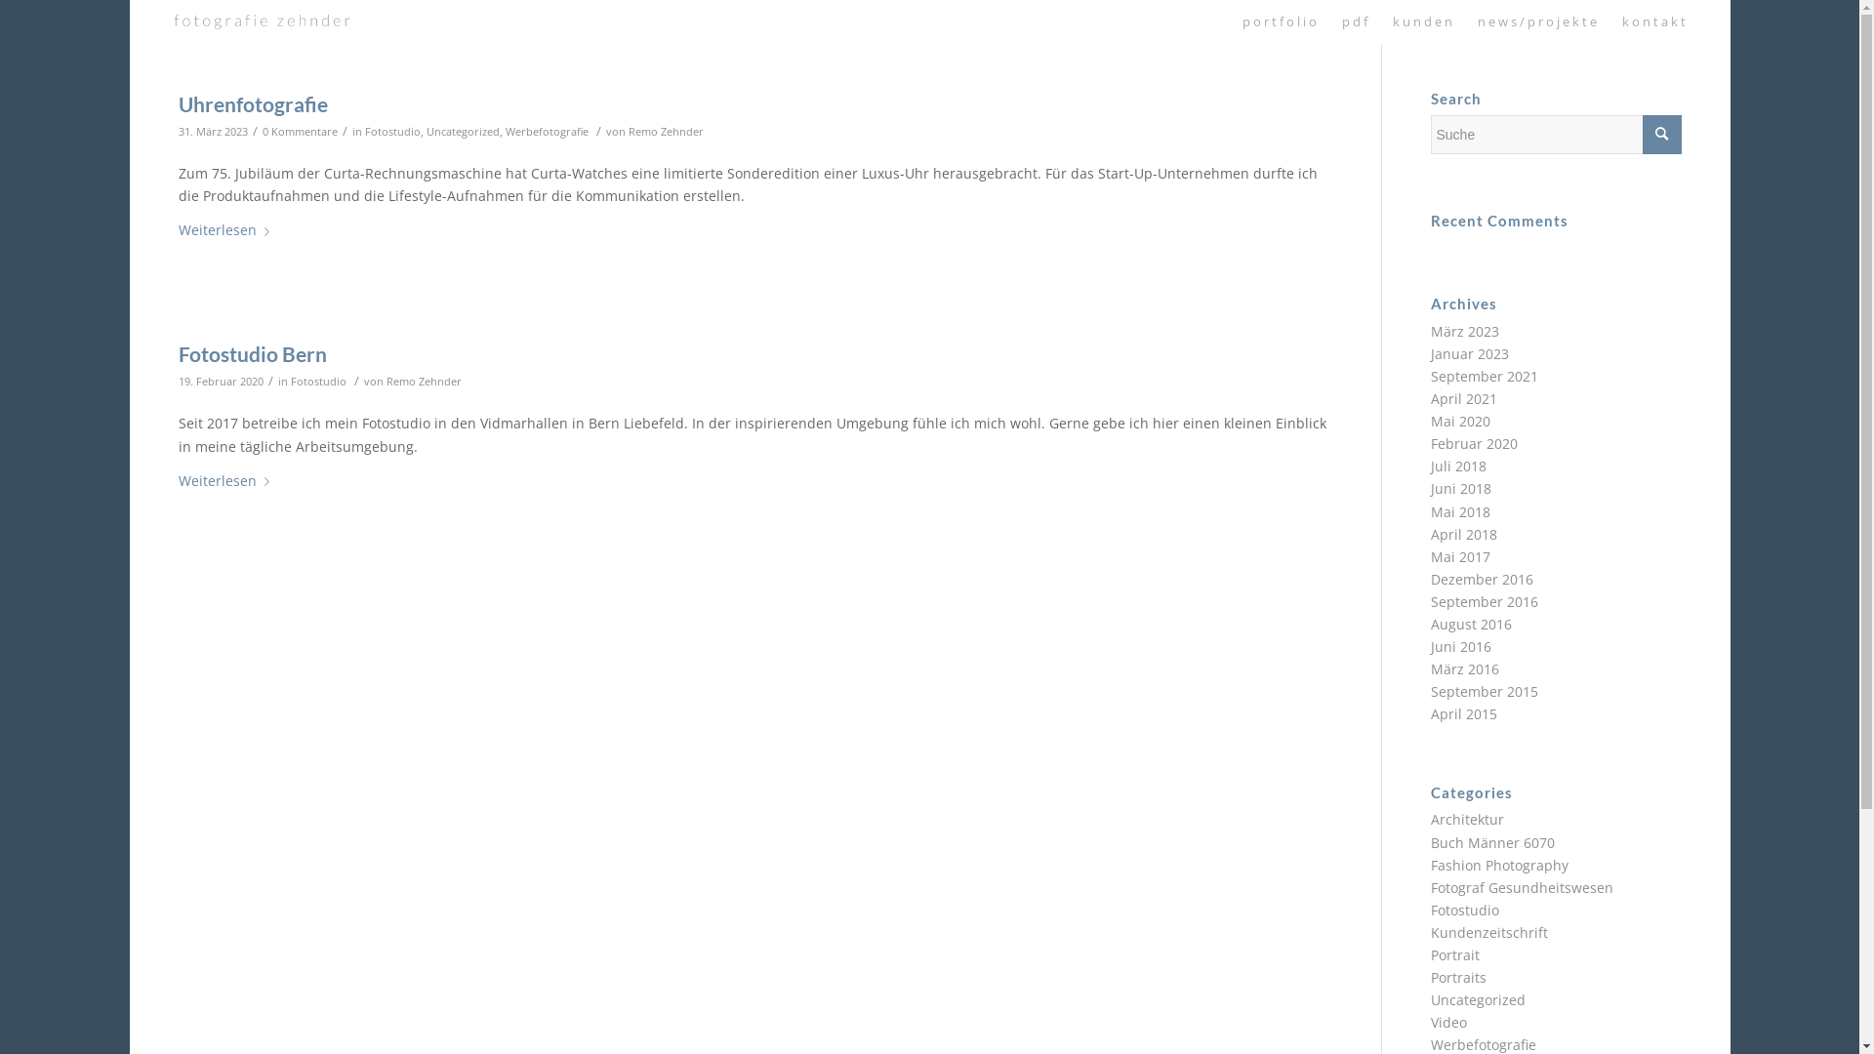  What do you see at coordinates (261, 21) in the screenshot?
I see `'LOGO'` at bounding box center [261, 21].